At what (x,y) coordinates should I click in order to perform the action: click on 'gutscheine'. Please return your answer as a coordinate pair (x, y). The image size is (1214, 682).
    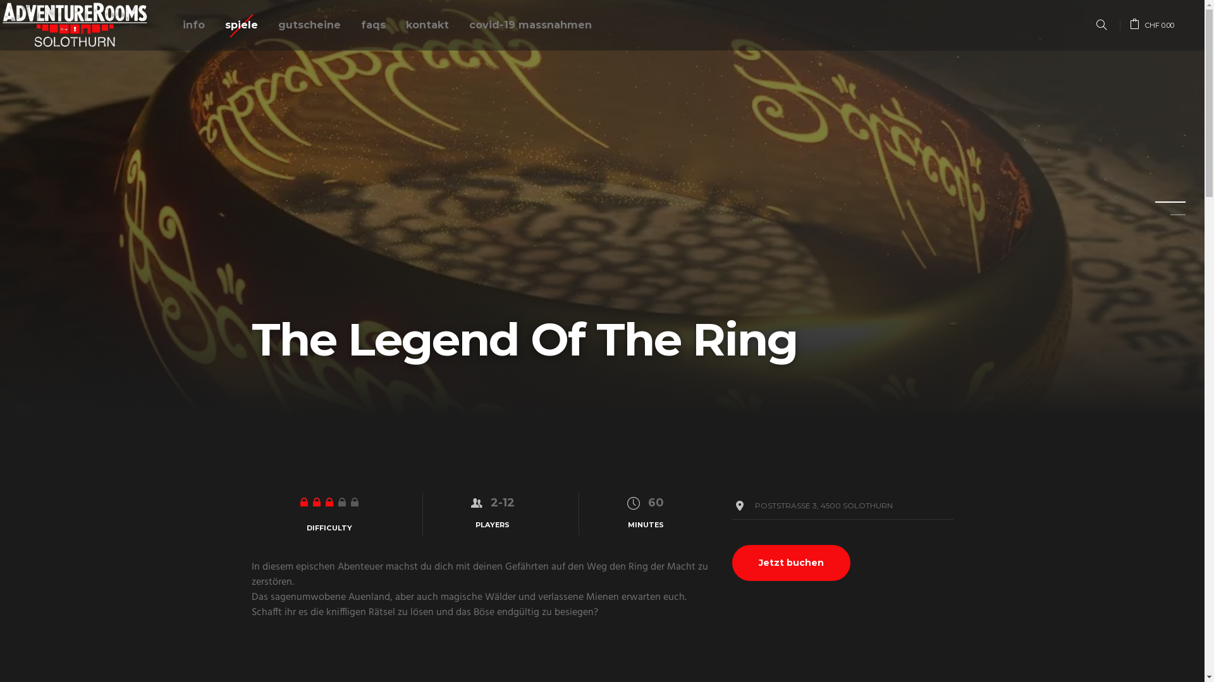
    Looking at the image, I should click on (273, 25).